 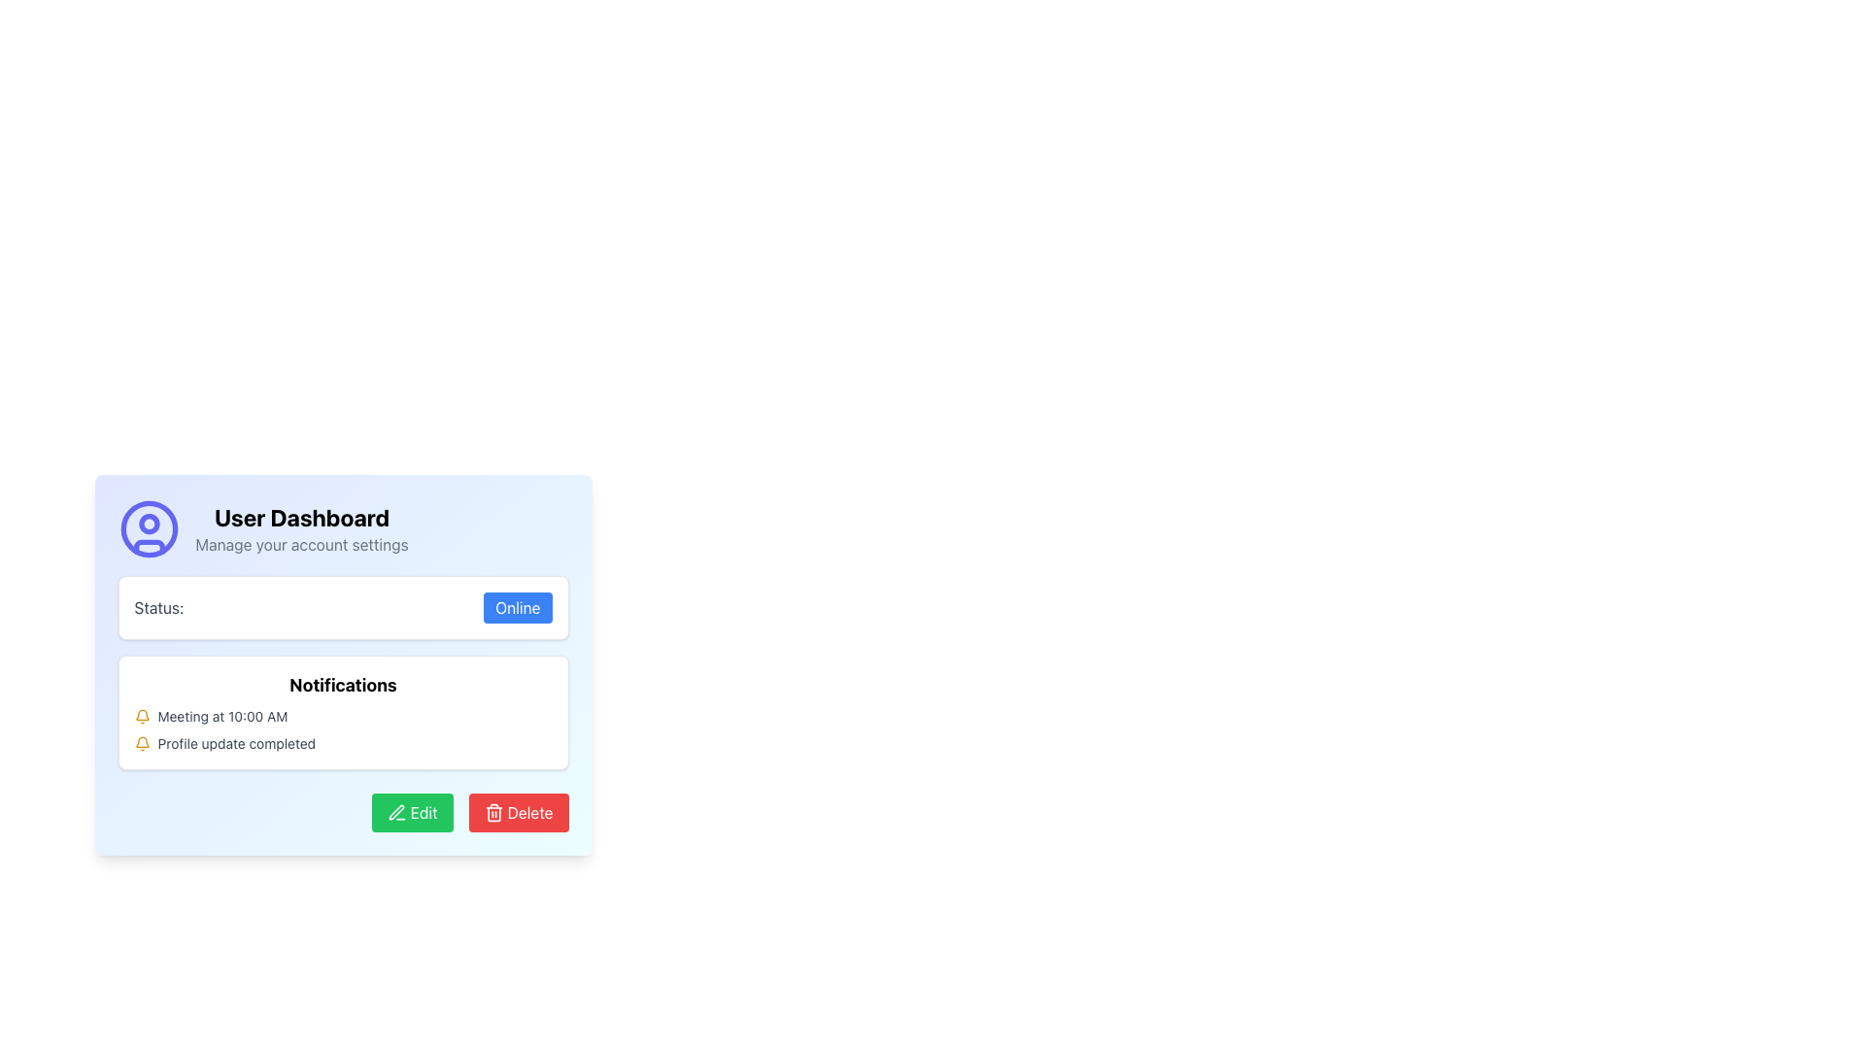 What do you see at coordinates (148, 528) in the screenshot?
I see `the user profile avatar icon located towards the top left of the dashboard interface, adjacent to the 'User Dashboard' title` at bounding box center [148, 528].